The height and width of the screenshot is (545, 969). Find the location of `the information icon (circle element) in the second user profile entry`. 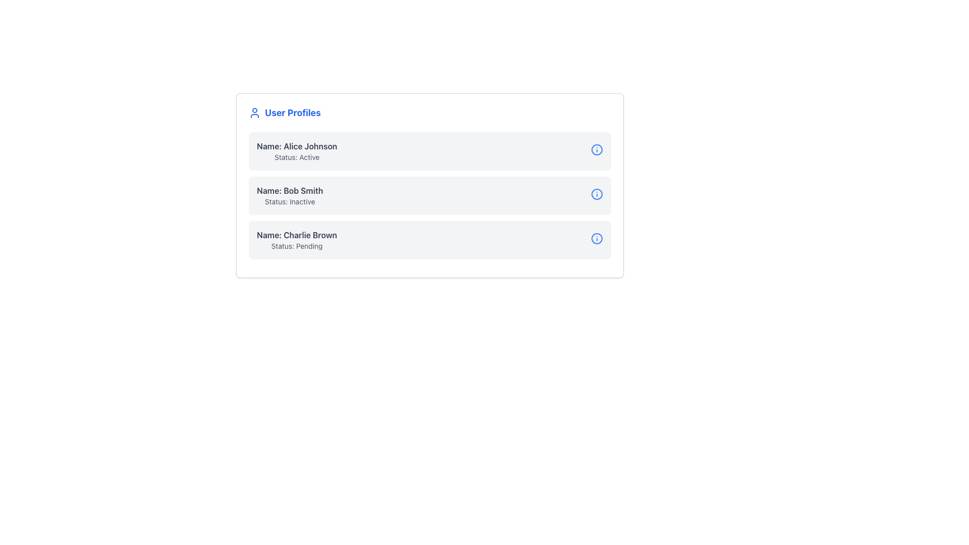

the information icon (circle element) in the second user profile entry is located at coordinates (597, 194).